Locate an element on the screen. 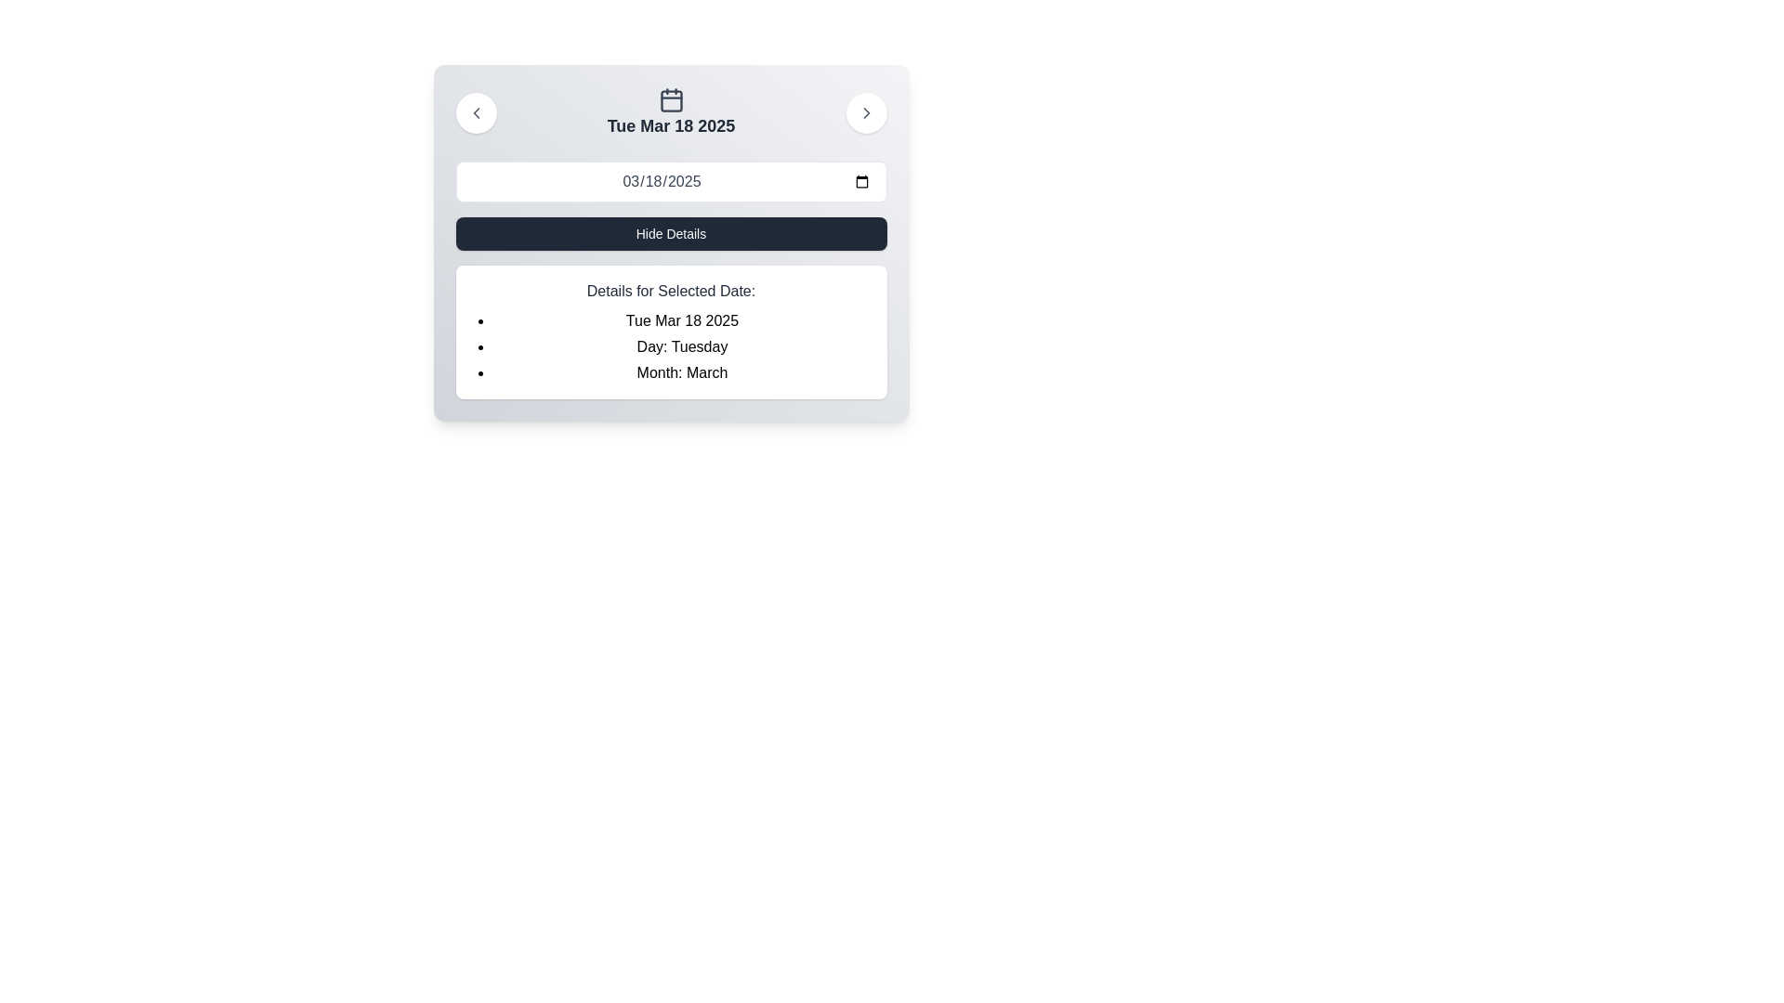  the calendar icon, which is a minimalistic design with rounded corners, located in the header section above the text 'Tue Mar 18 2025' is located at coordinates (670, 100).